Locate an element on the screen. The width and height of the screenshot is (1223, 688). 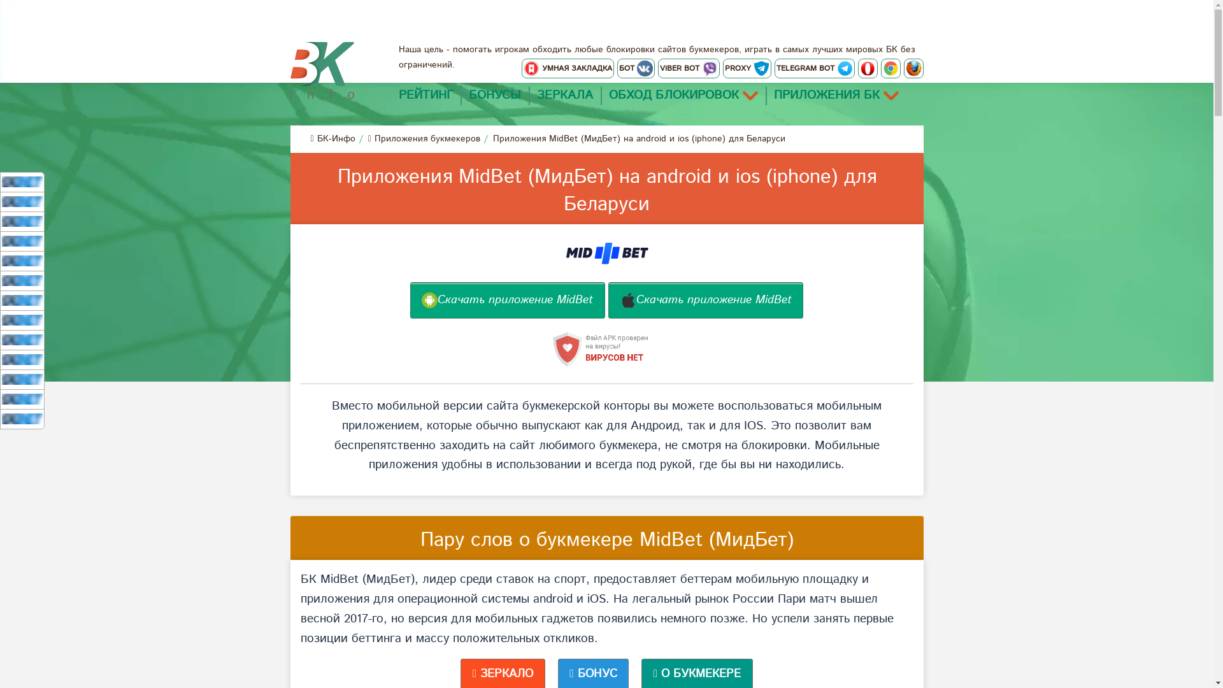
'MelBet' is located at coordinates (22, 201).